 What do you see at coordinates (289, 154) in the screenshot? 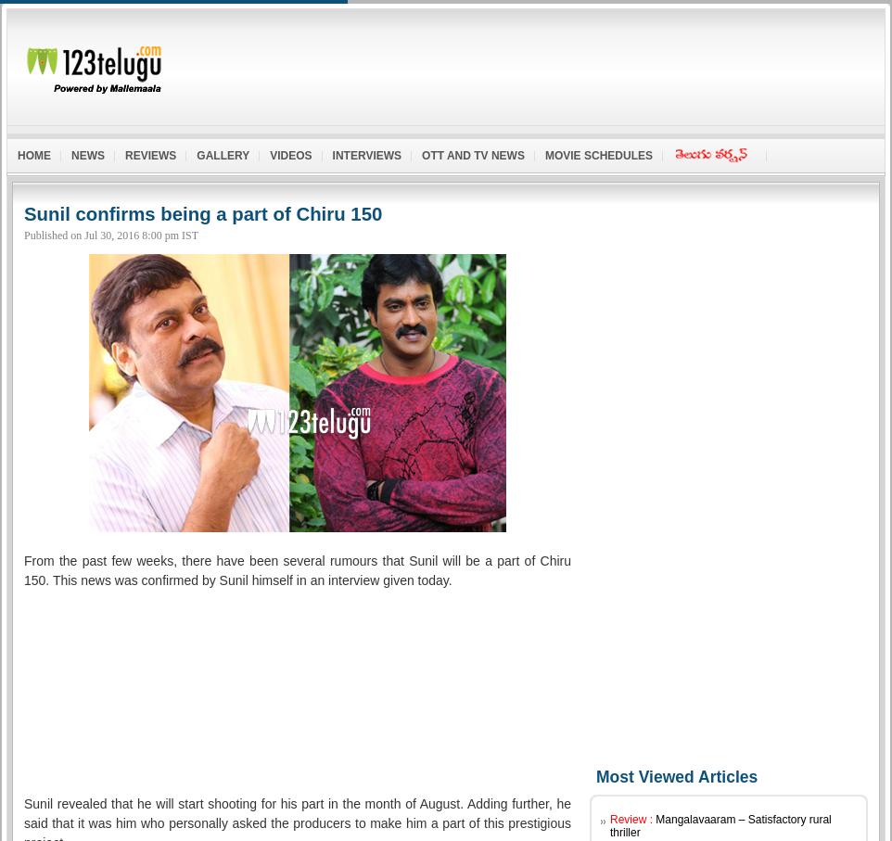
I see `'Videos'` at bounding box center [289, 154].